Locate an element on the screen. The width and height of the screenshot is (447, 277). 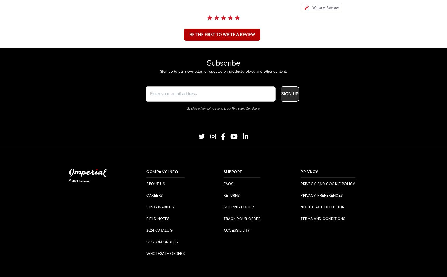
'Custom Orders' is located at coordinates (162, 241).